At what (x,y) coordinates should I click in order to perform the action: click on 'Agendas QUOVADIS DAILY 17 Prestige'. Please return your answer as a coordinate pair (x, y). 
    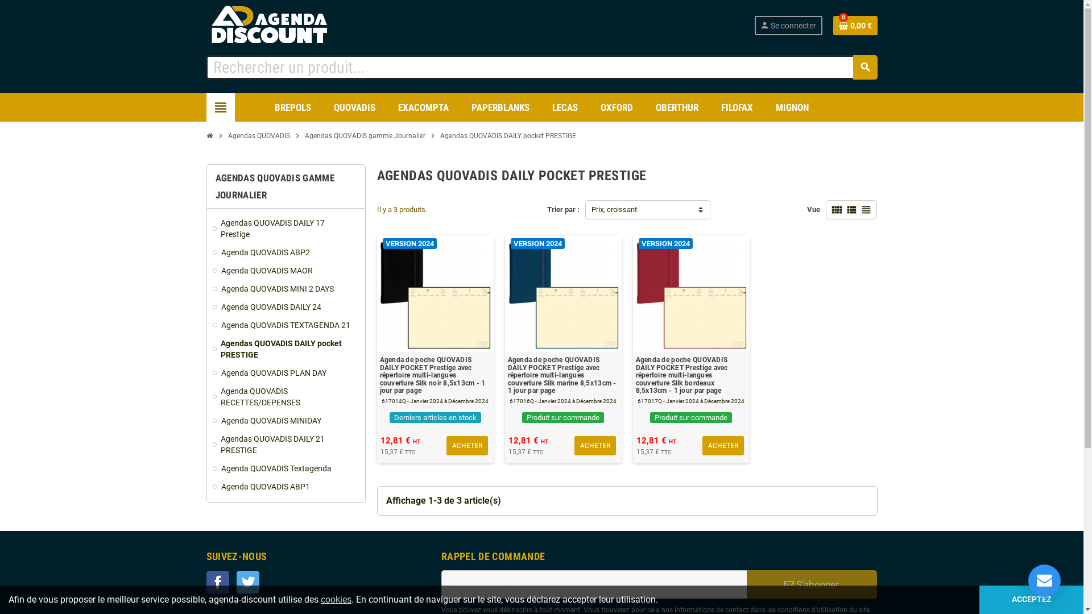
    Looking at the image, I should click on (286, 228).